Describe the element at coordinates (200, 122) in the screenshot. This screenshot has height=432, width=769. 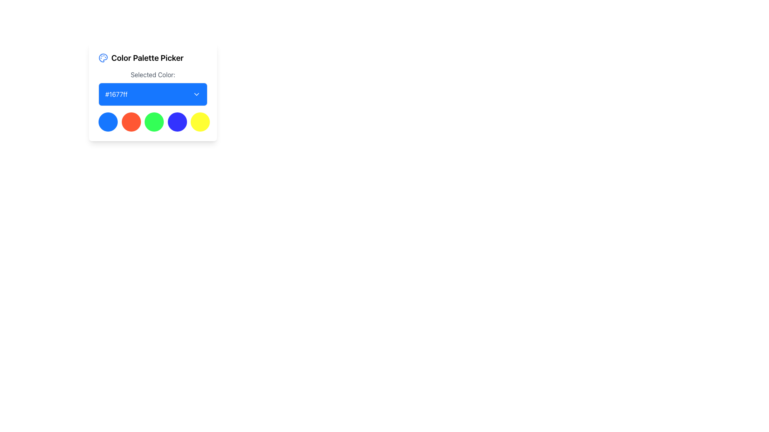
I see `the circular button with a yellow background, which is the fifth color circle in the row beneath the 'Selected Color' section` at that location.